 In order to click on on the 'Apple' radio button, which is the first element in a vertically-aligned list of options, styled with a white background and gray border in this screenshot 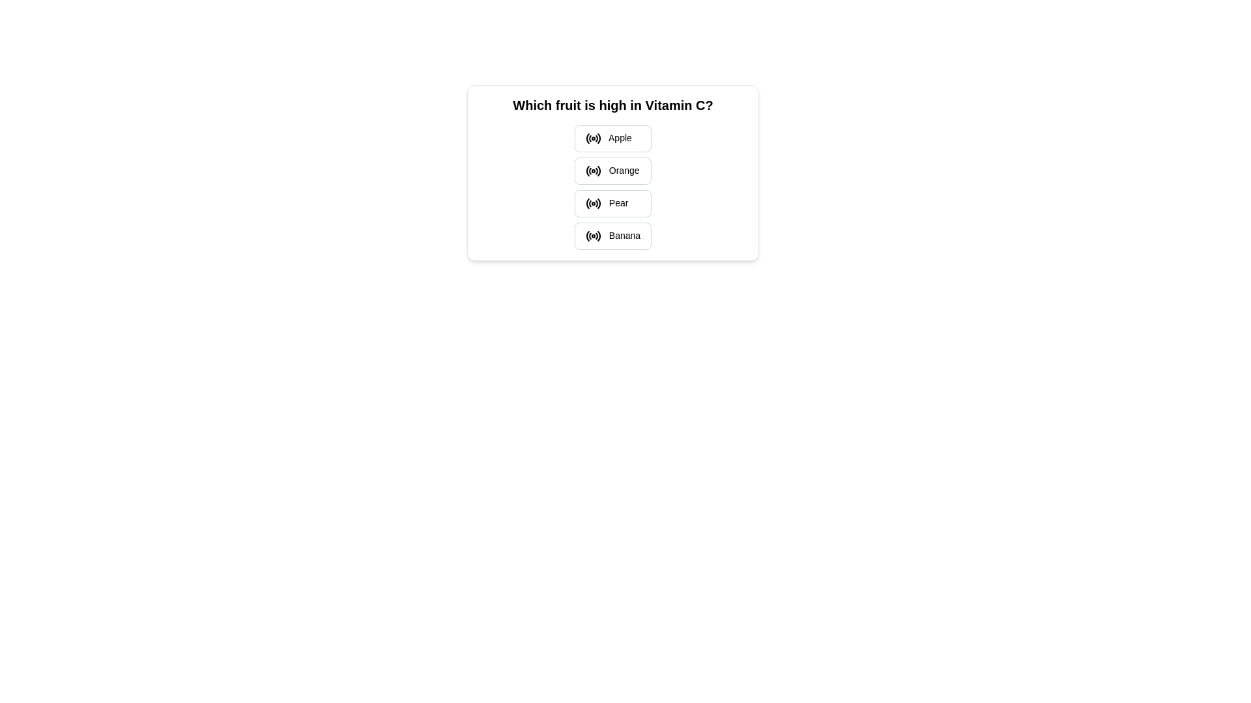, I will do `click(612, 138)`.